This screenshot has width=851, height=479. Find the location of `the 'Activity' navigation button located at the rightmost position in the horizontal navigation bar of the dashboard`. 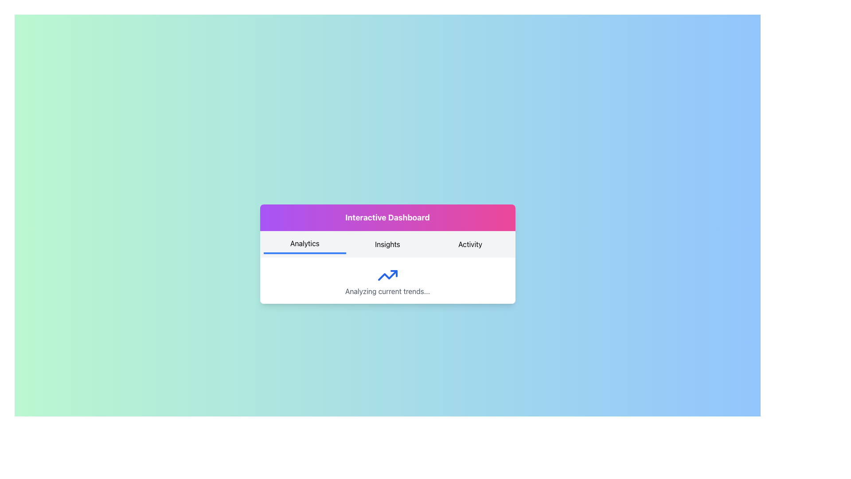

the 'Activity' navigation button located at the rightmost position in the horizontal navigation bar of the dashboard is located at coordinates (470, 244).